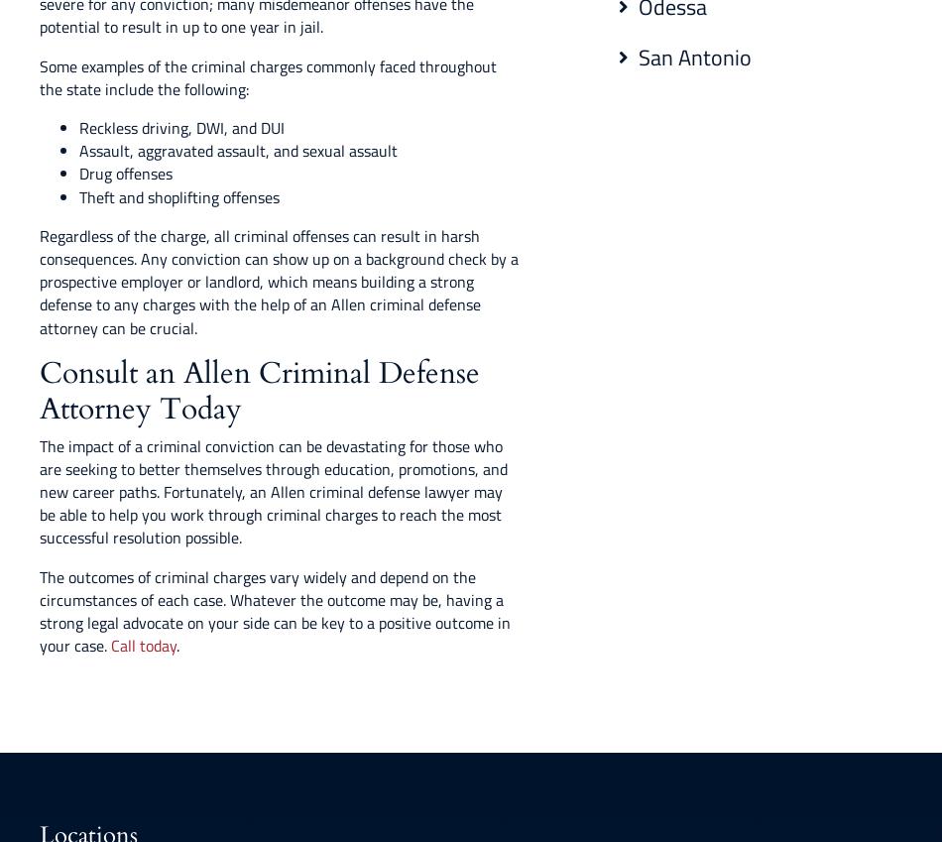 This screenshot has height=842, width=942. What do you see at coordinates (695, 57) in the screenshot?
I see `'San Antonio'` at bounding box center [695, 57].